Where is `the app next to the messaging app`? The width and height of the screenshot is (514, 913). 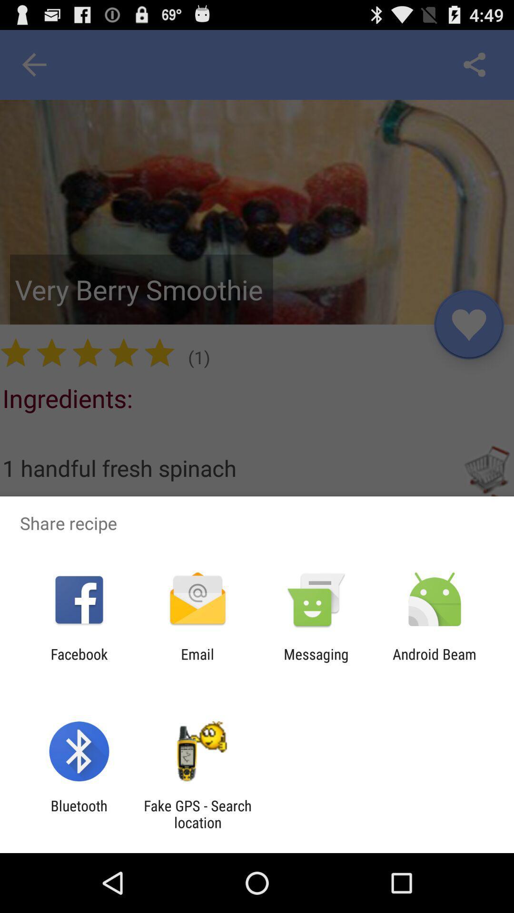
the app next to the messaging app is located at coordinates (435, 662).